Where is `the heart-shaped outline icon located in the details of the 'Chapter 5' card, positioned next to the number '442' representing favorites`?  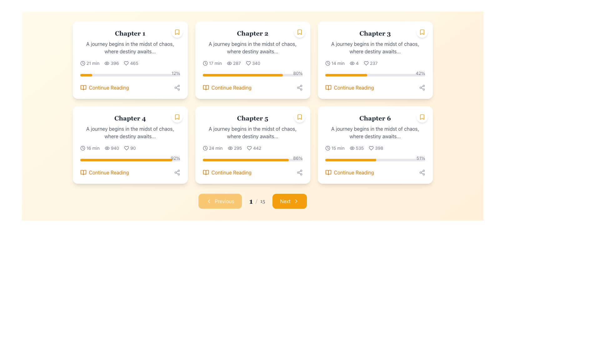 the heart-shaped outline icon located in the details of the 'Chapter 5' card, positioned next to the number '442' representing favorites is located at coordinates (249, 148).